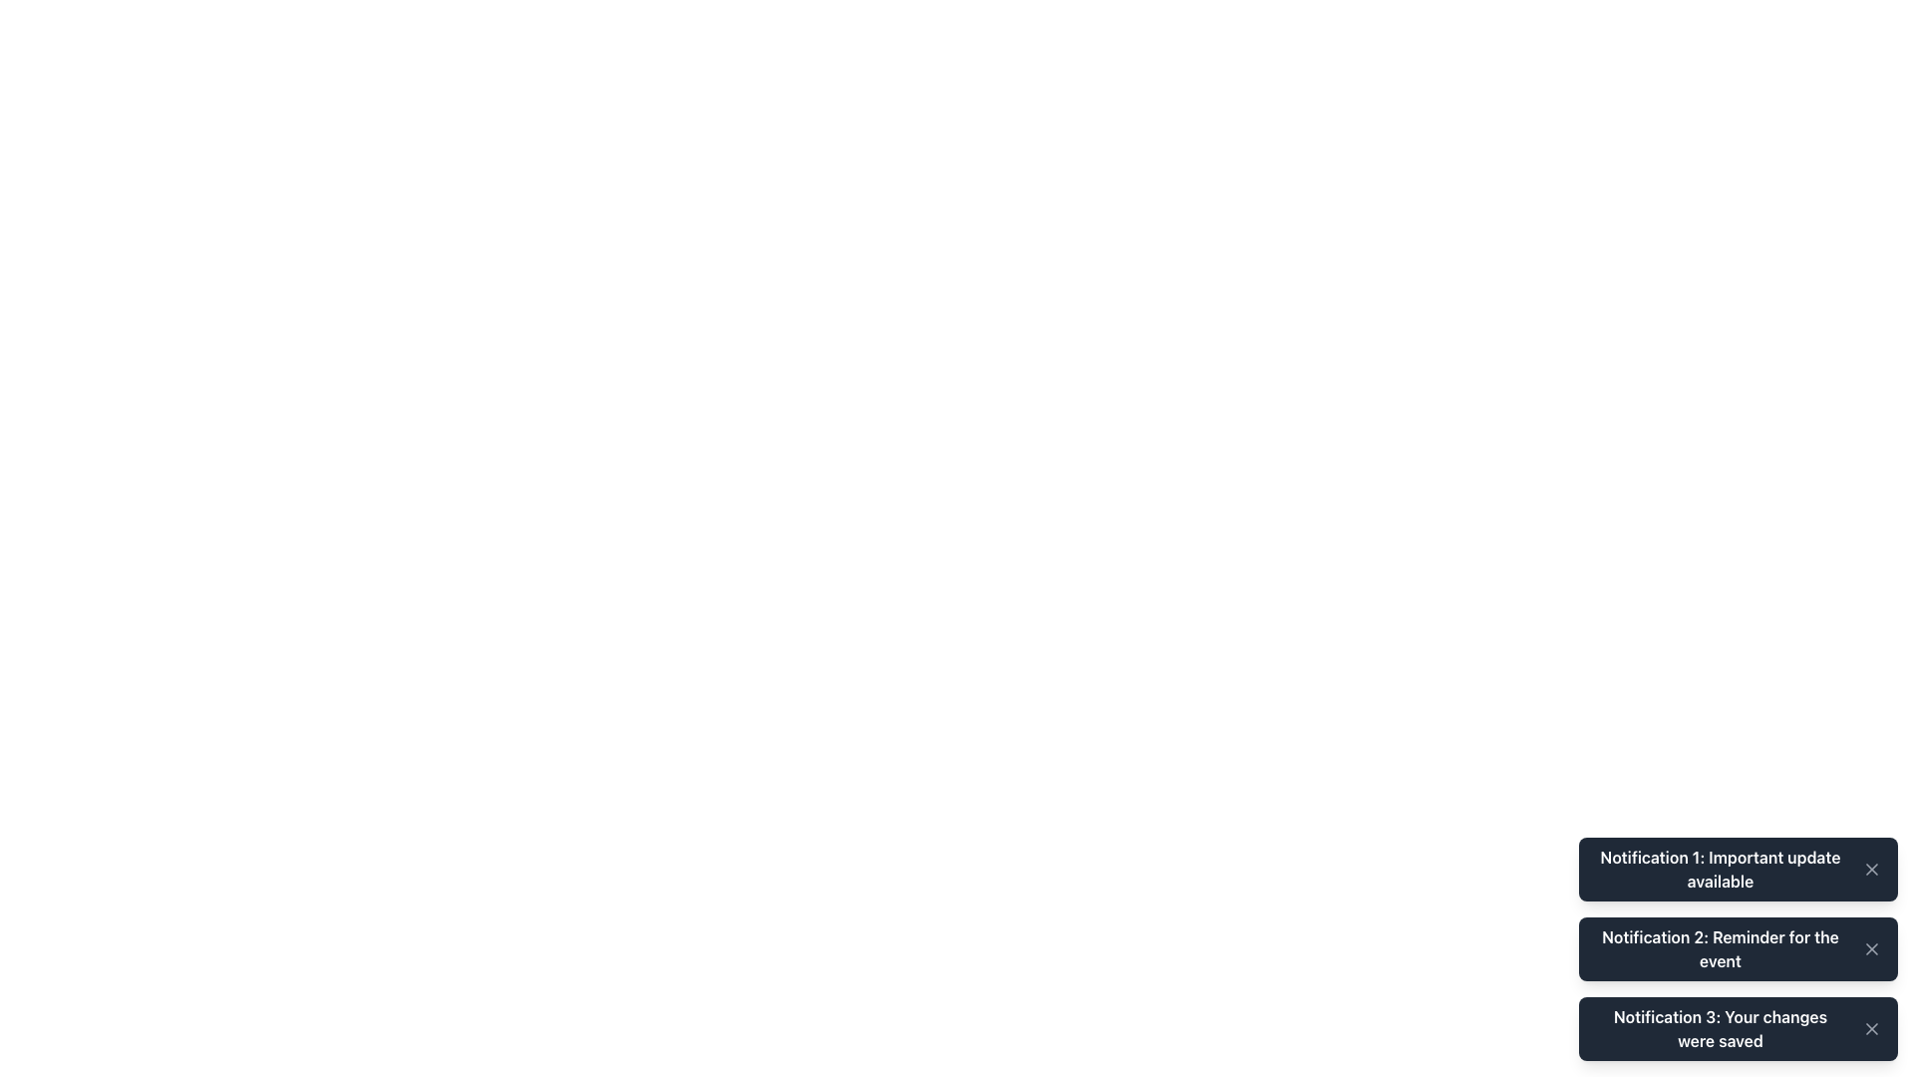  I want to click on the gray 'X' icon in the top-right corner of the second notification card, so click(1870, 948).